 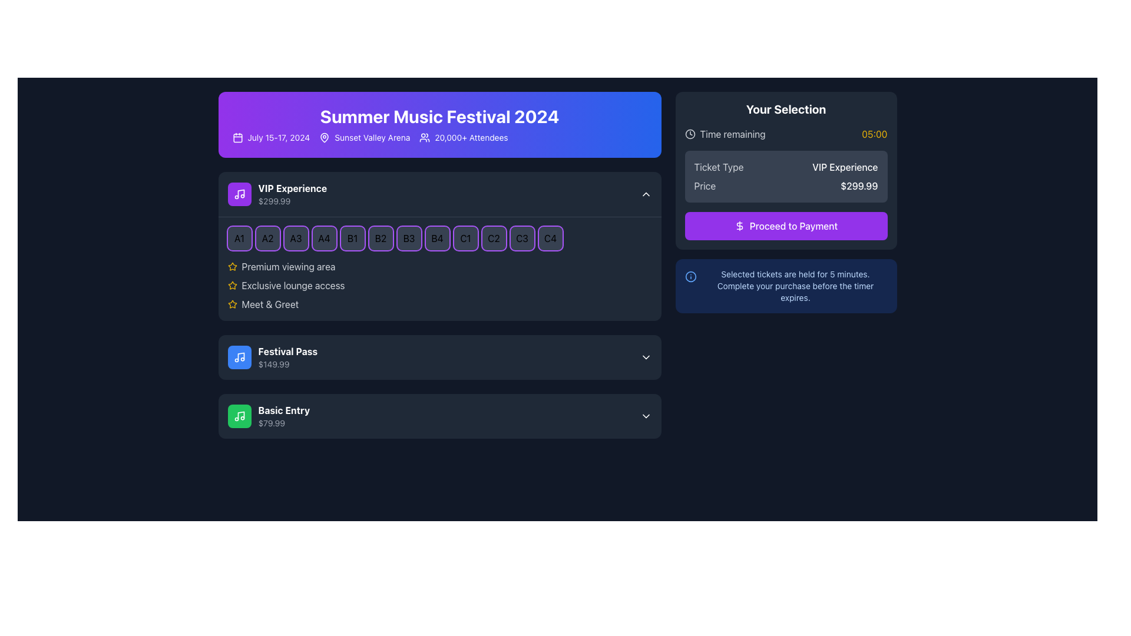 I want to click on text displayed in the Text display area for the 'VIP Experience' ticket option, located below the purple icon with a white musical note, so click(x=292, y=194).